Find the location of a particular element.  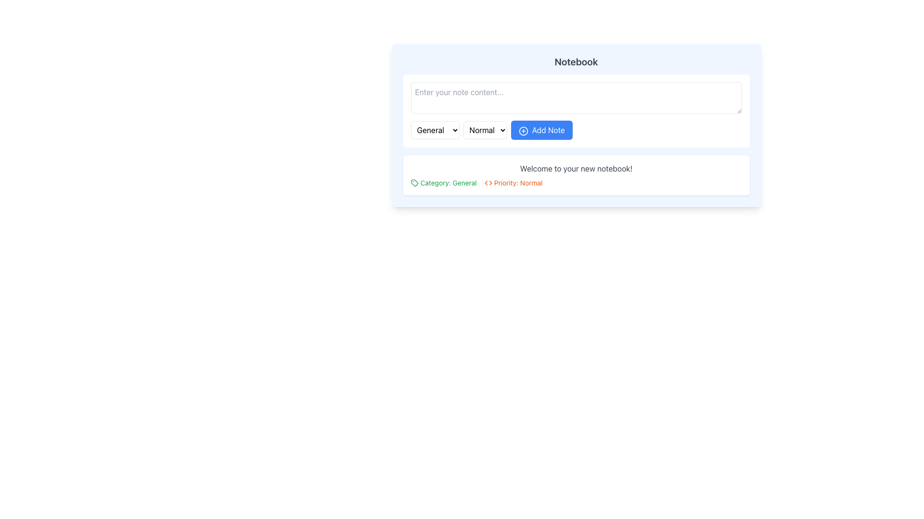

the Text Display containing the message 'Welcome to your new notebook!' along with the labels 'Category: General' and 'Priority: Normal' is located at coordinates (576, 175).